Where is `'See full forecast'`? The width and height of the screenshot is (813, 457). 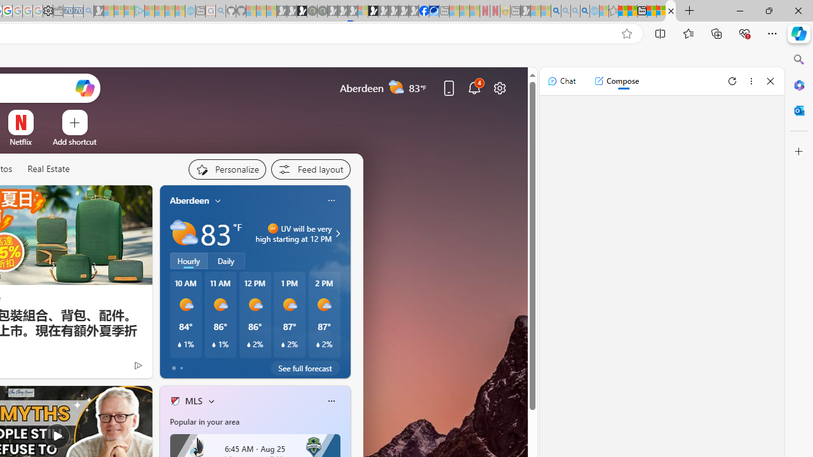
'See full forecast' is located at coordinates (305, 368).